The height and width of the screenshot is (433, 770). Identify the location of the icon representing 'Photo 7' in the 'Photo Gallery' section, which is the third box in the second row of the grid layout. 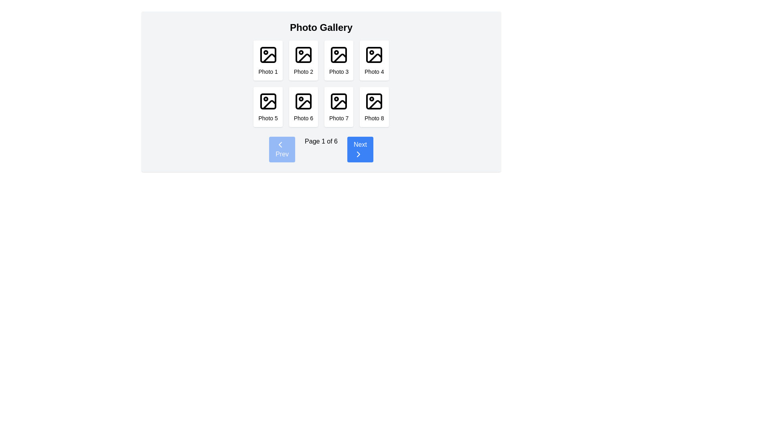
(339, 101).